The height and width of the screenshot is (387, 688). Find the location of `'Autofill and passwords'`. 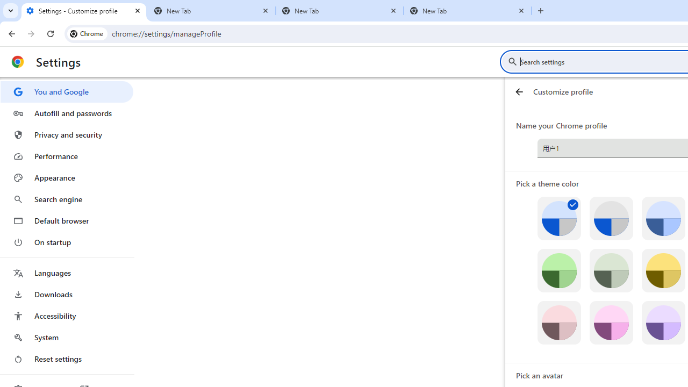

'Autofill and passwords' is located at coordinates (66, 113).